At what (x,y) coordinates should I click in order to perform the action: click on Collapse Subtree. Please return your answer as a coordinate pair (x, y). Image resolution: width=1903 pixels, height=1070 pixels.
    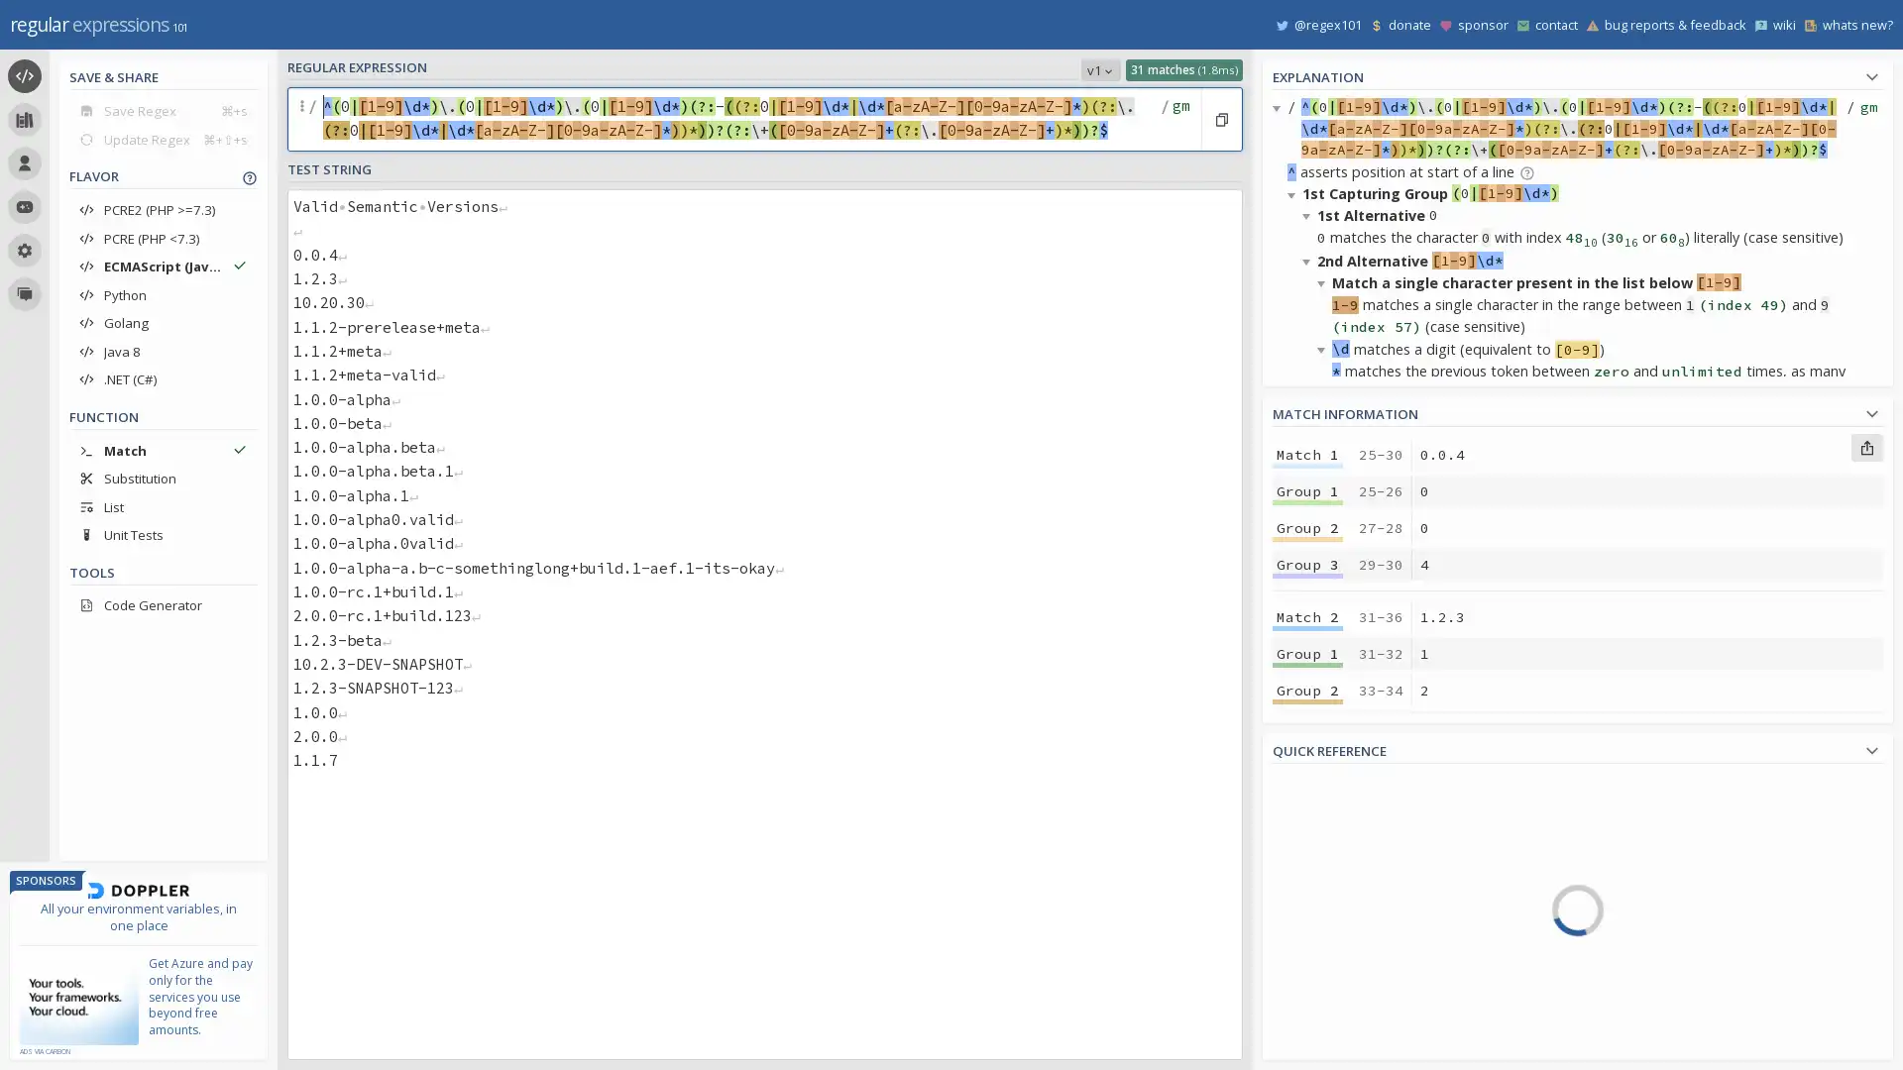
    Looking at the image, I should click on (1309, 506).